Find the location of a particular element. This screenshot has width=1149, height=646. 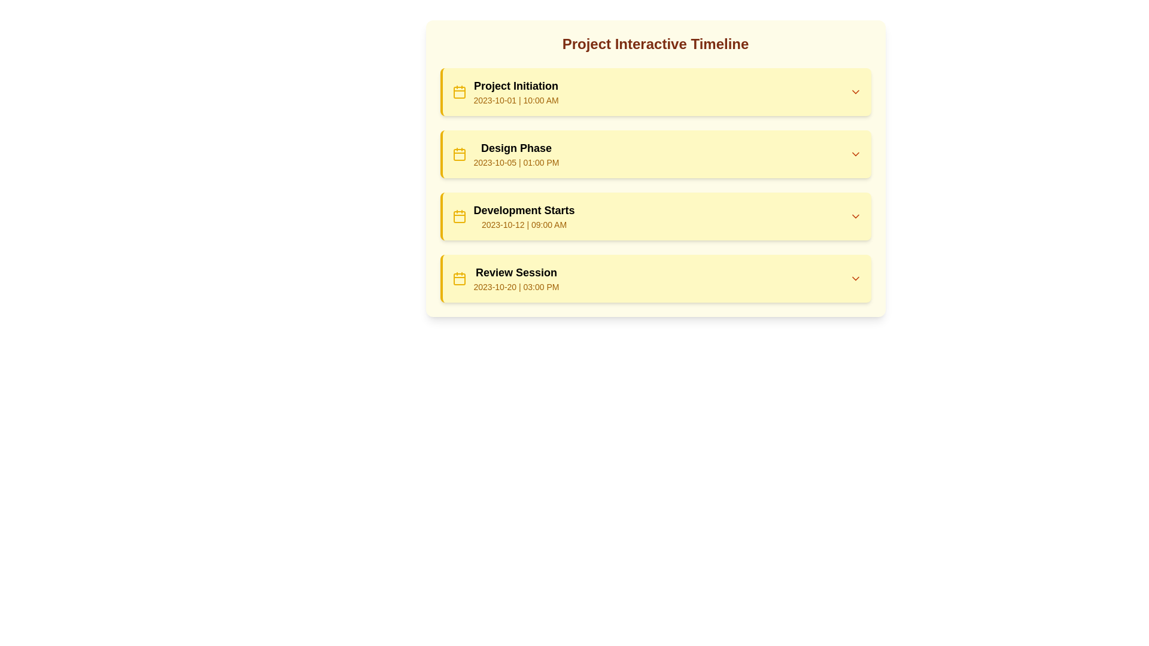

the orange chevron icon button located at the rightmost edge of the 'Development Starts' event is located at coordinates (855, 217).